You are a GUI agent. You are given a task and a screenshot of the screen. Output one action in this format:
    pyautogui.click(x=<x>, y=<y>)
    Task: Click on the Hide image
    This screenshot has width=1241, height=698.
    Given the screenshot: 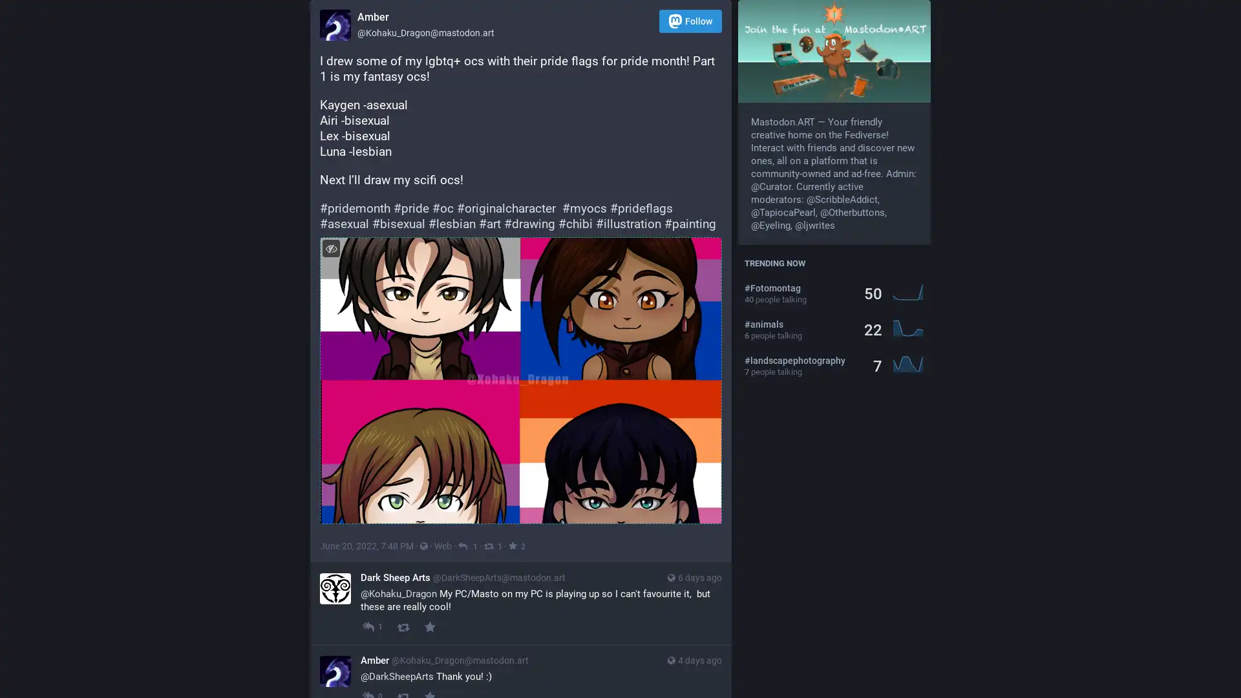 What is the action you would take?
    pyautogui.click(x=331, y=248)
    